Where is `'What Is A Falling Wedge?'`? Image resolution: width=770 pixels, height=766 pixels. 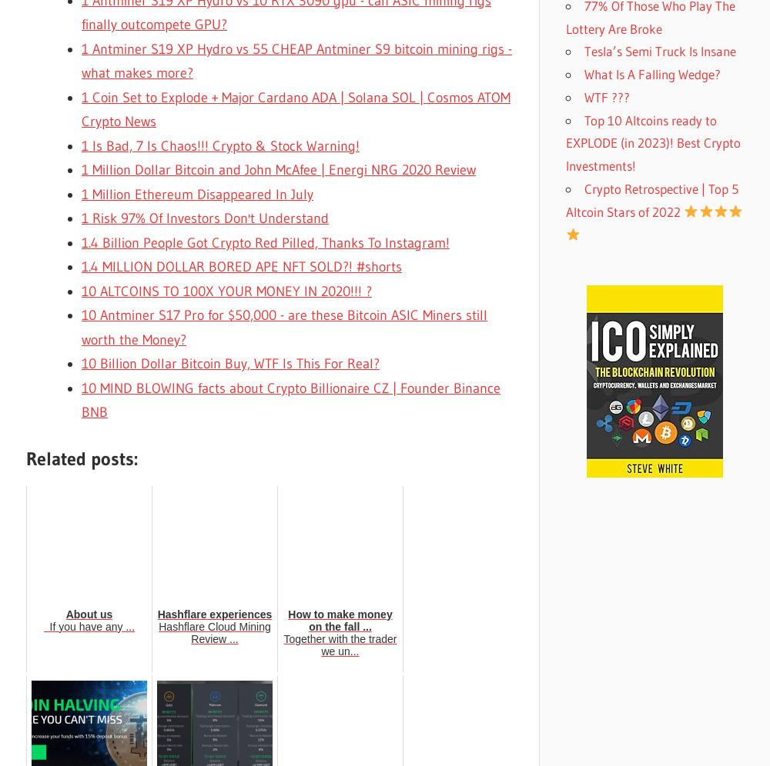
'What Is A Falling Wedge?' is located at coordinates (651, 74).